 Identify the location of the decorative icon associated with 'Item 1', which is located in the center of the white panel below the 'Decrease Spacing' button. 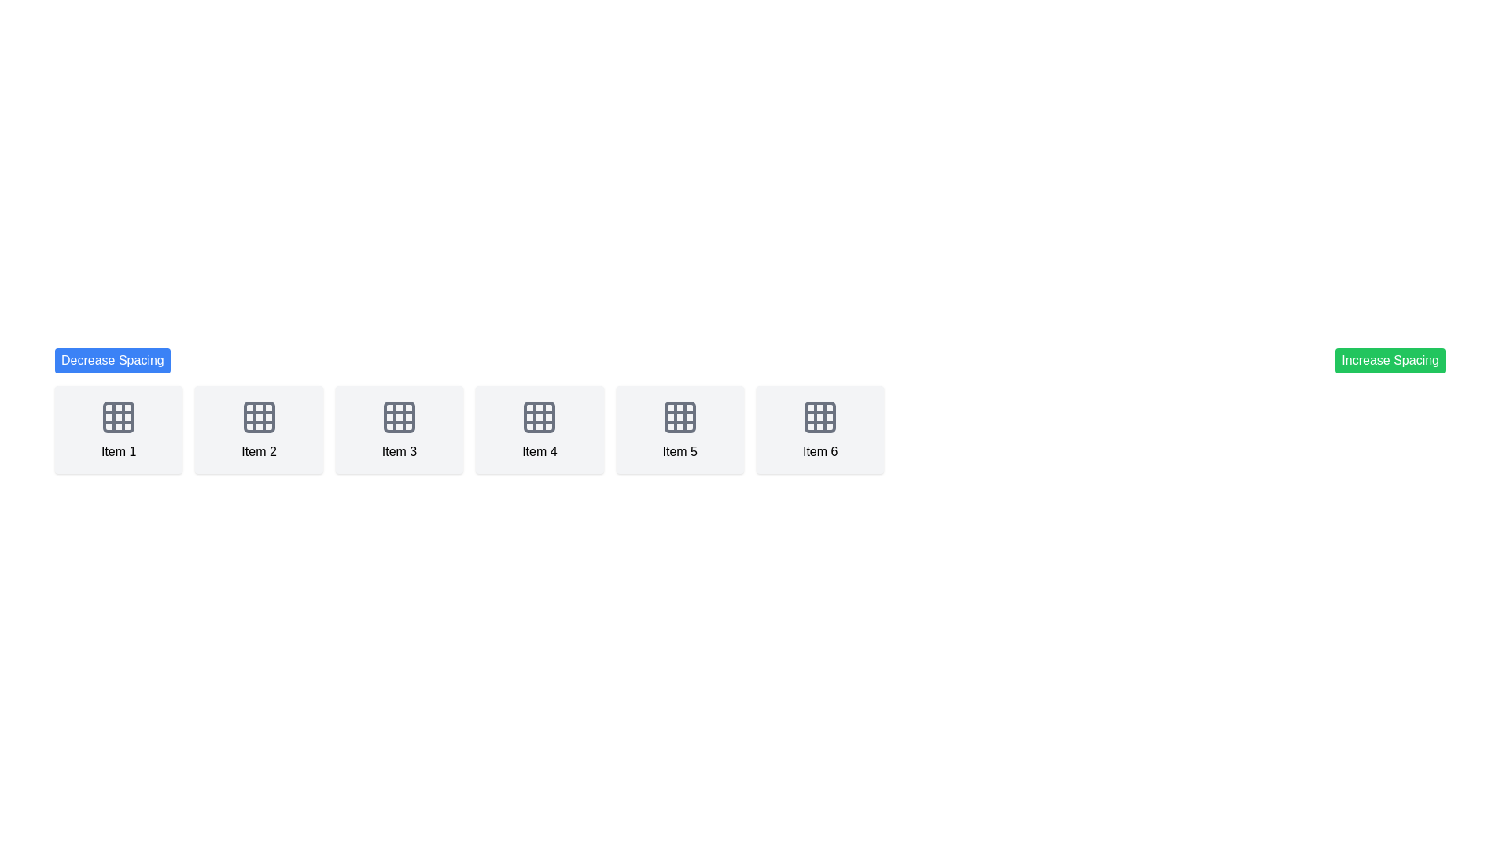
(118, 417).